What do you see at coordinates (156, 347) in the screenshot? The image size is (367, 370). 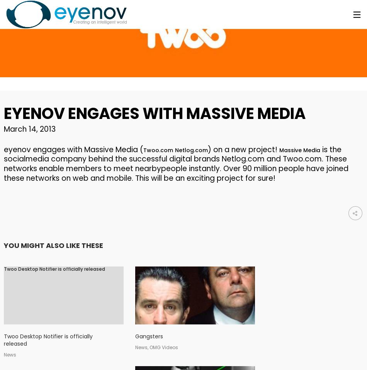 I see `'News, OMG Videos'` at bounding box center [156, 347].